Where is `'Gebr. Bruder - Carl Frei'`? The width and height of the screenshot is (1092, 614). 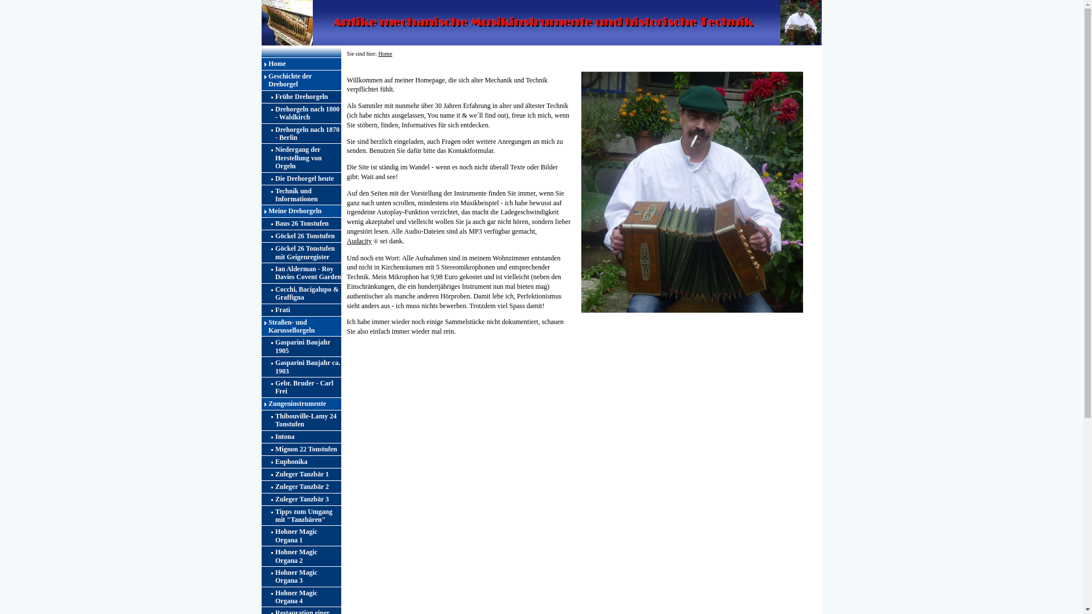
'Gebr. Bruder - Carl Frei' is located at coordinates (301, 387).